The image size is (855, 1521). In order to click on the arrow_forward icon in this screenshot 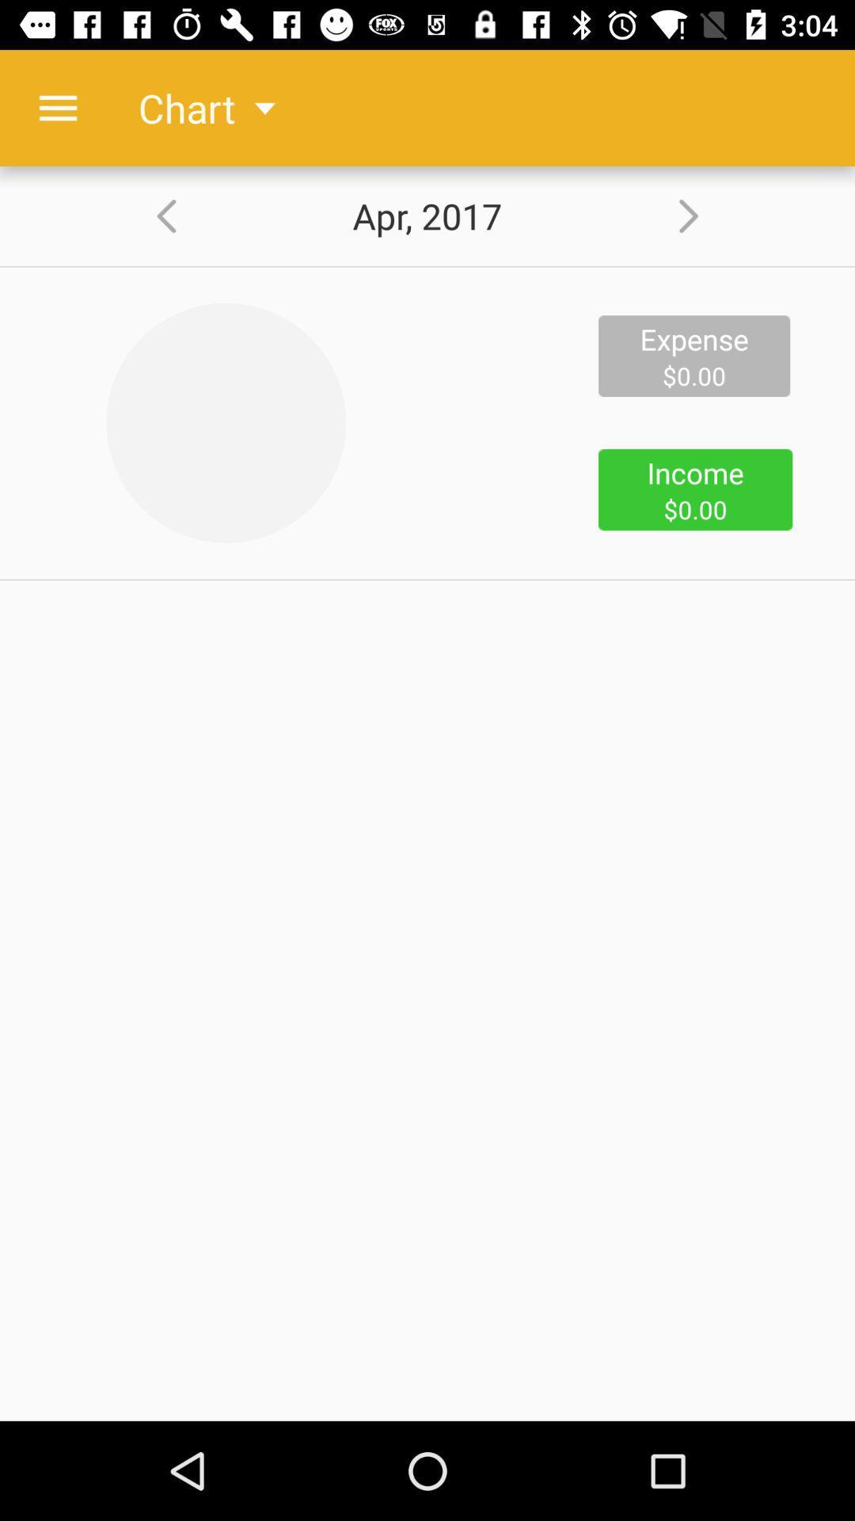, I will do `click(698, 215)`.